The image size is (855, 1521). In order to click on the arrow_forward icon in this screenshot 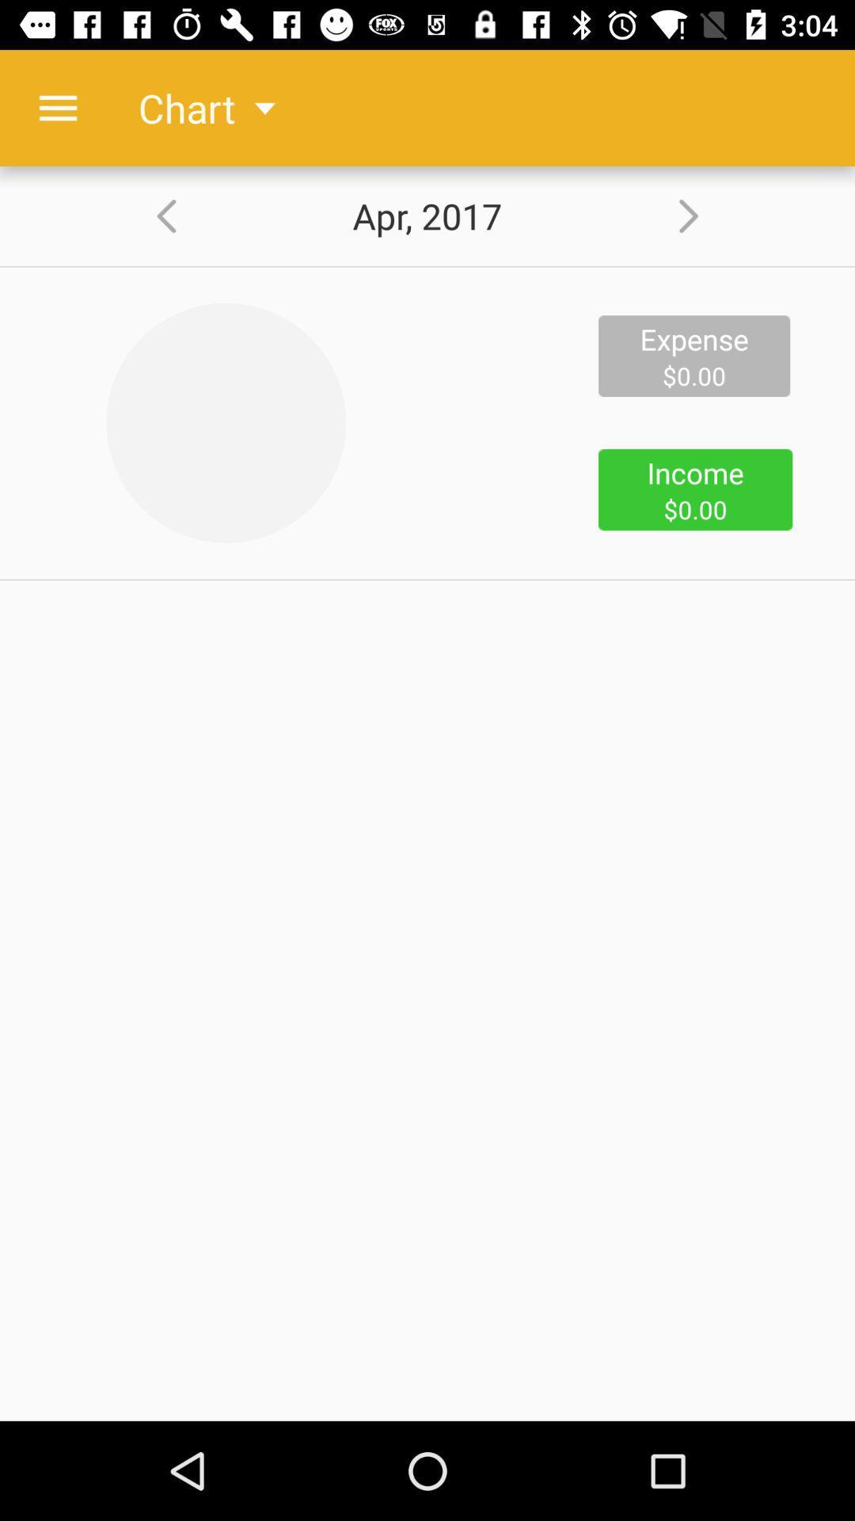, I will do `click(698, 215)`.